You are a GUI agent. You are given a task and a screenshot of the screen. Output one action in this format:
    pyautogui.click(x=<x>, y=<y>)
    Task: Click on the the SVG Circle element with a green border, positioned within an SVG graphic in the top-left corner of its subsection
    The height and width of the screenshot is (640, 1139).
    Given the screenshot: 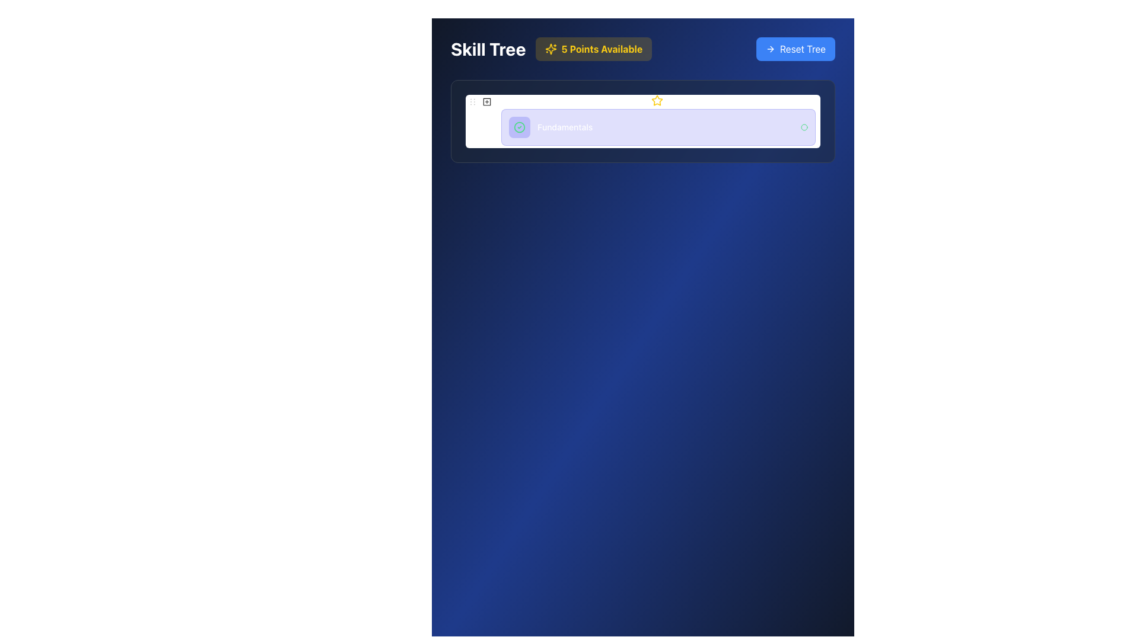 What is the action you would take?
    pyautogui.click(x=804, y=127)
    